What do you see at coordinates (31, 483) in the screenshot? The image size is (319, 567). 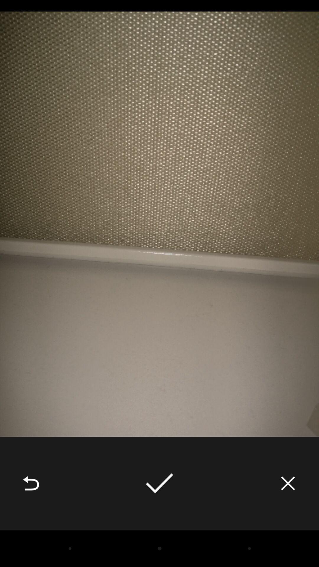 I see `icon at the bottom left corner` at bounding box center [31, 483].